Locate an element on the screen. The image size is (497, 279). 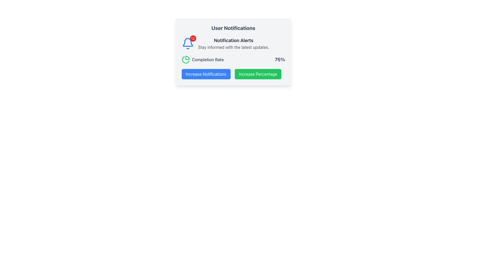
the Notification Icon with Badge is located at coordinates (187, 43).